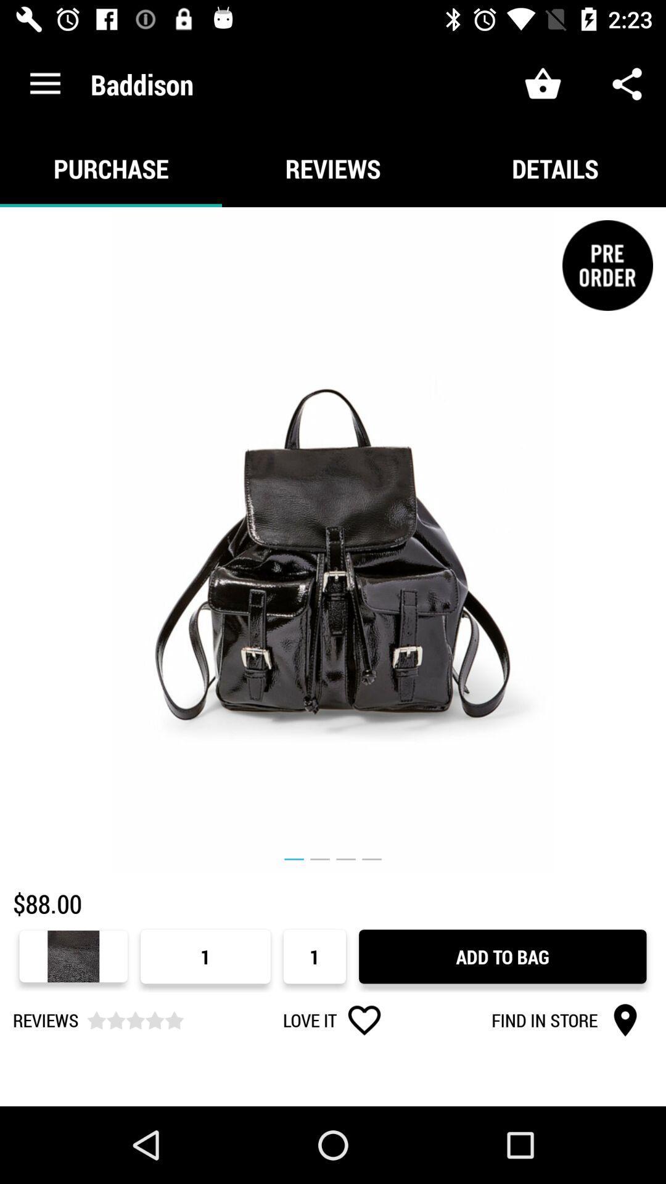  Describe the element at coordinates (333, 540) in the screenshot. I see `the icon above the $88.00 item` at that location.